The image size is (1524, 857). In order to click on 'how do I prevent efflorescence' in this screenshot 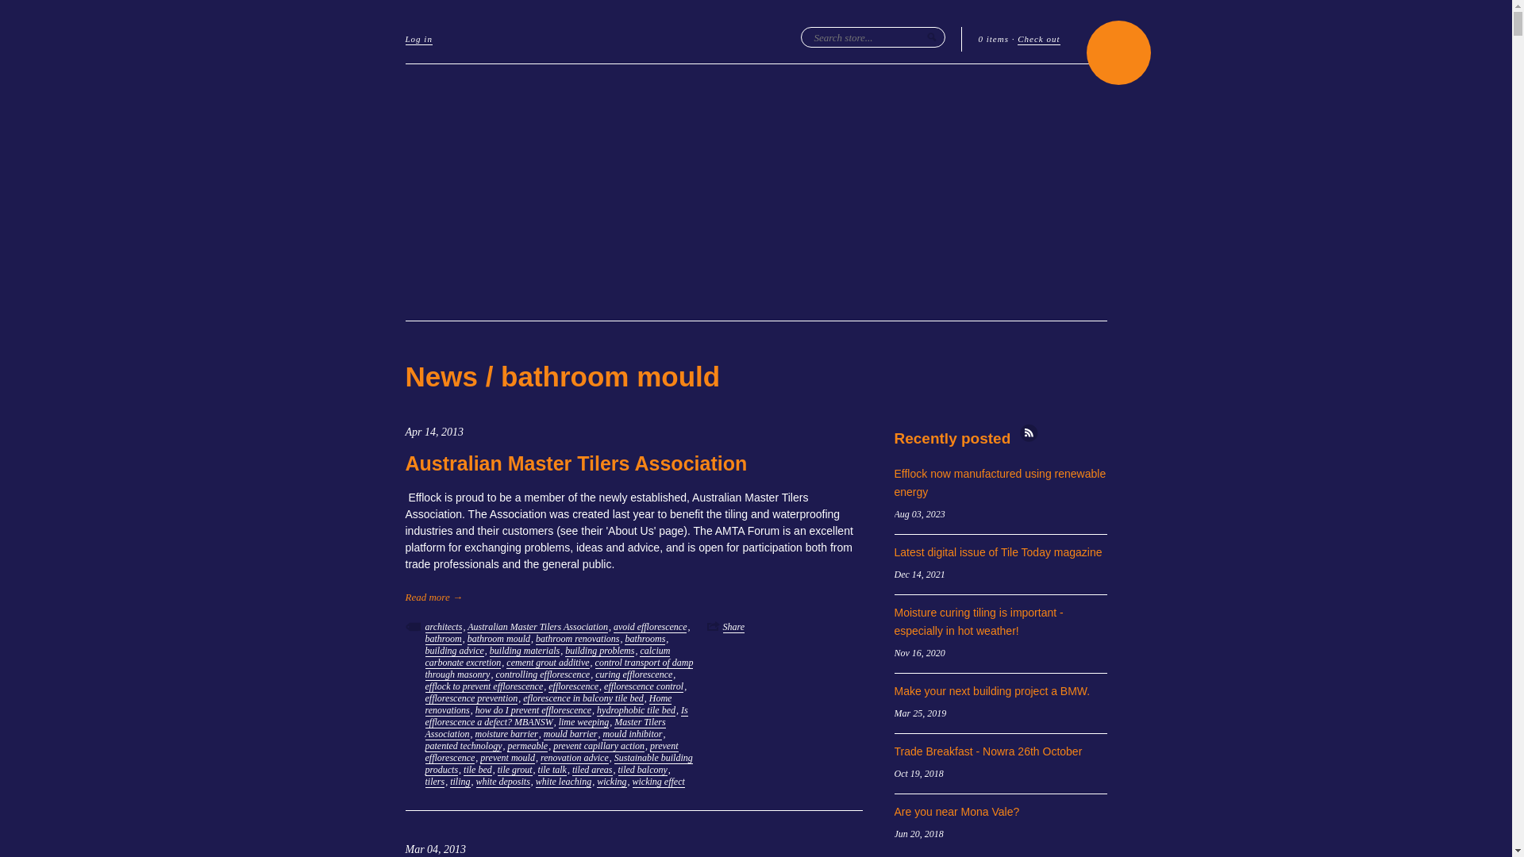, I will do `click(475, 709)`.